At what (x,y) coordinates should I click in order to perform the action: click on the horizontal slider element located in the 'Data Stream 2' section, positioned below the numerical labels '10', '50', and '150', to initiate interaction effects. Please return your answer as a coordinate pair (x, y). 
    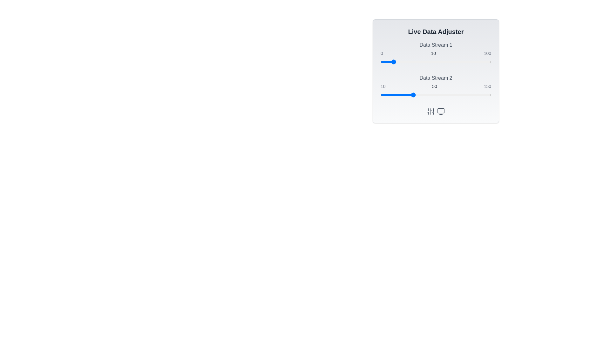
    Looking at the image, I should click on (436, 95).